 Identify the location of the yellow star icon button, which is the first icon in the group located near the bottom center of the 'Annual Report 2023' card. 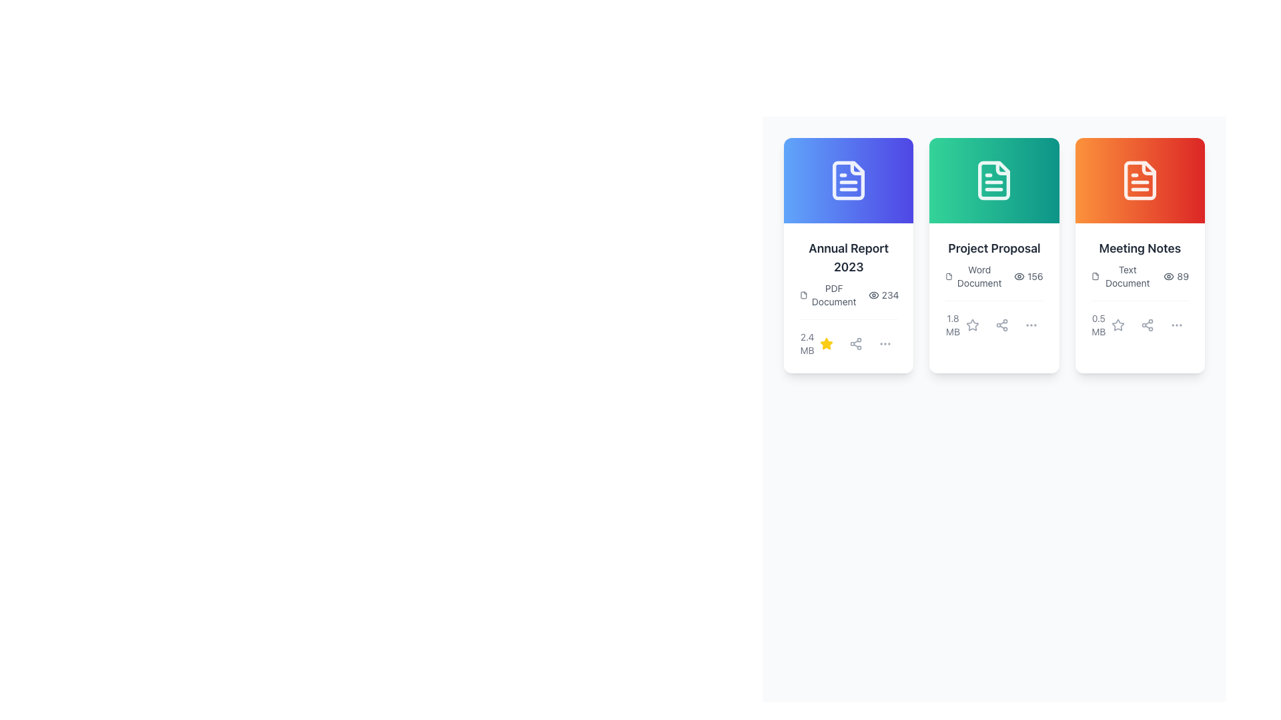
(826, 343).